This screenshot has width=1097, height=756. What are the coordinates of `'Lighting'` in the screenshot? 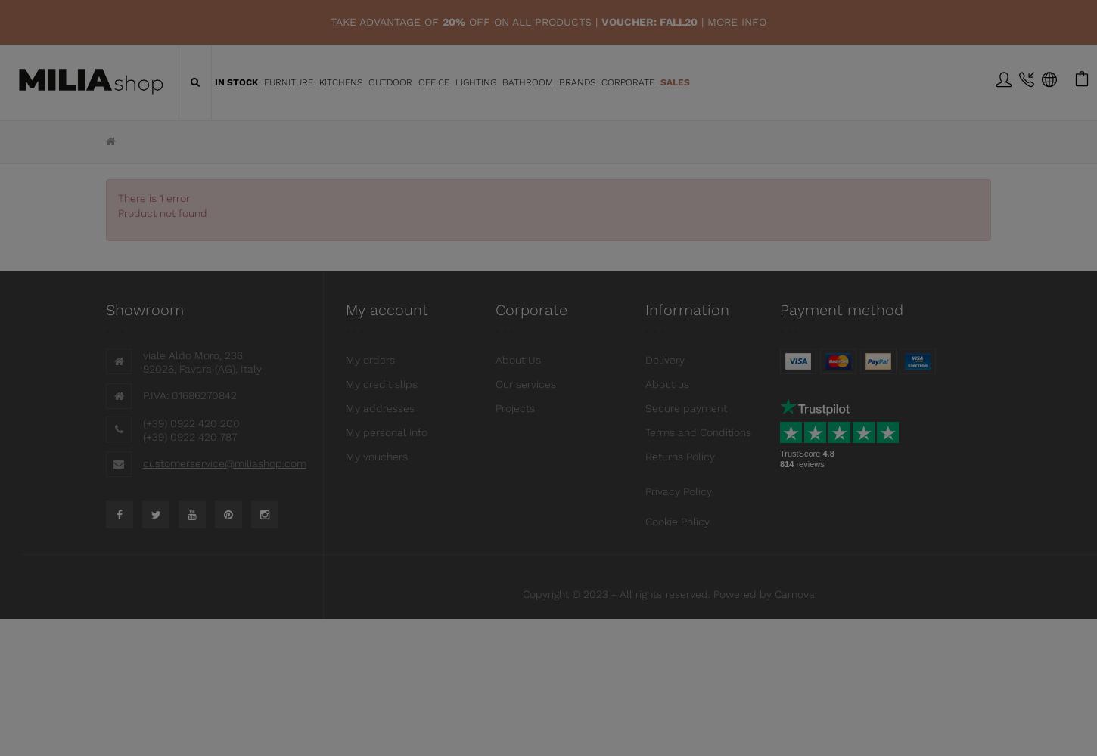 It's located at (474, 82).